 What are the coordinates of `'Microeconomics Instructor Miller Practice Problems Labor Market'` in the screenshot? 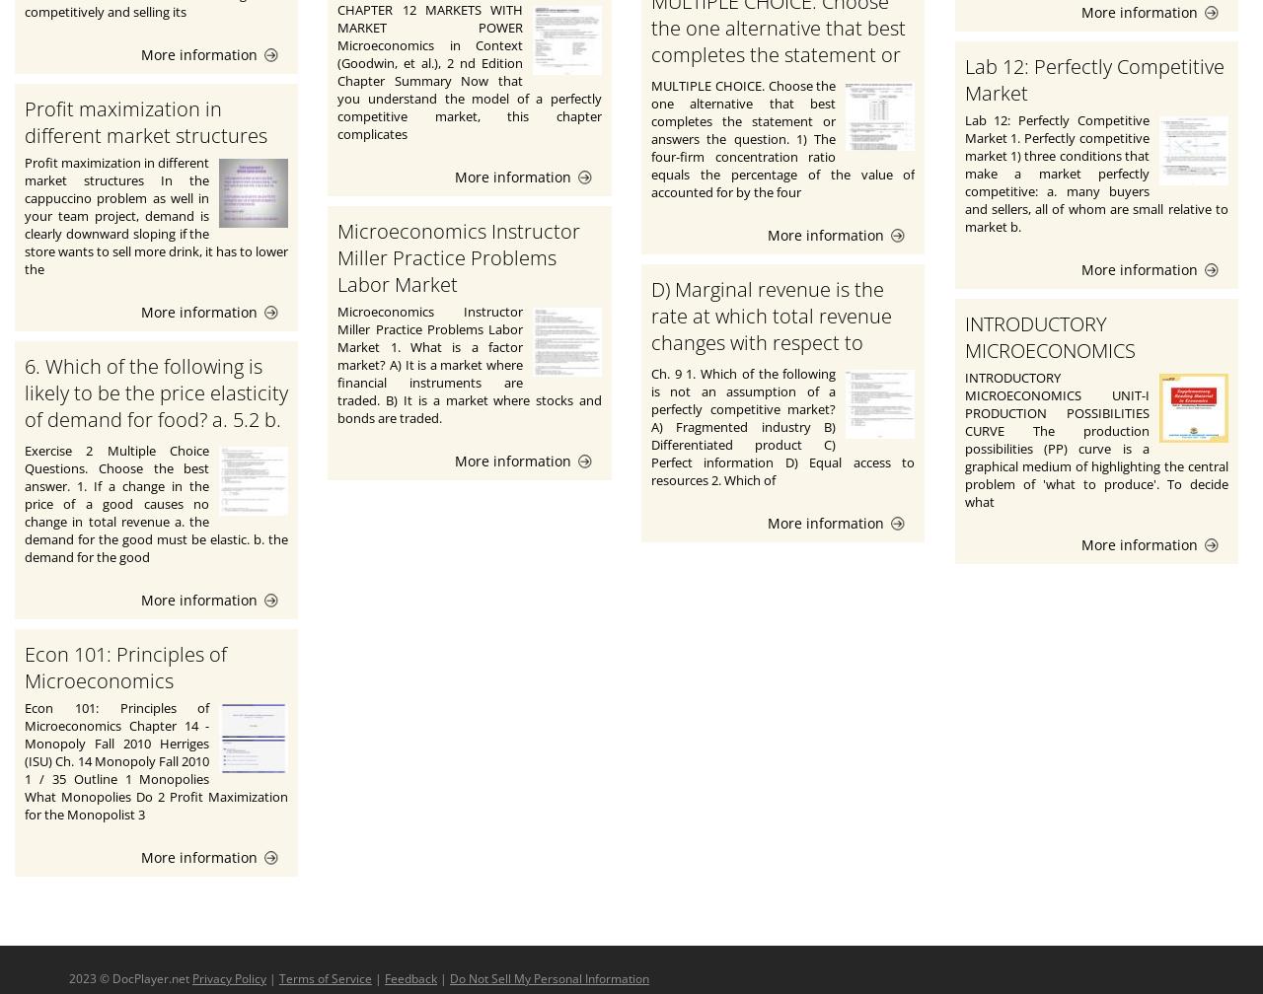 It's located at (458, 257).